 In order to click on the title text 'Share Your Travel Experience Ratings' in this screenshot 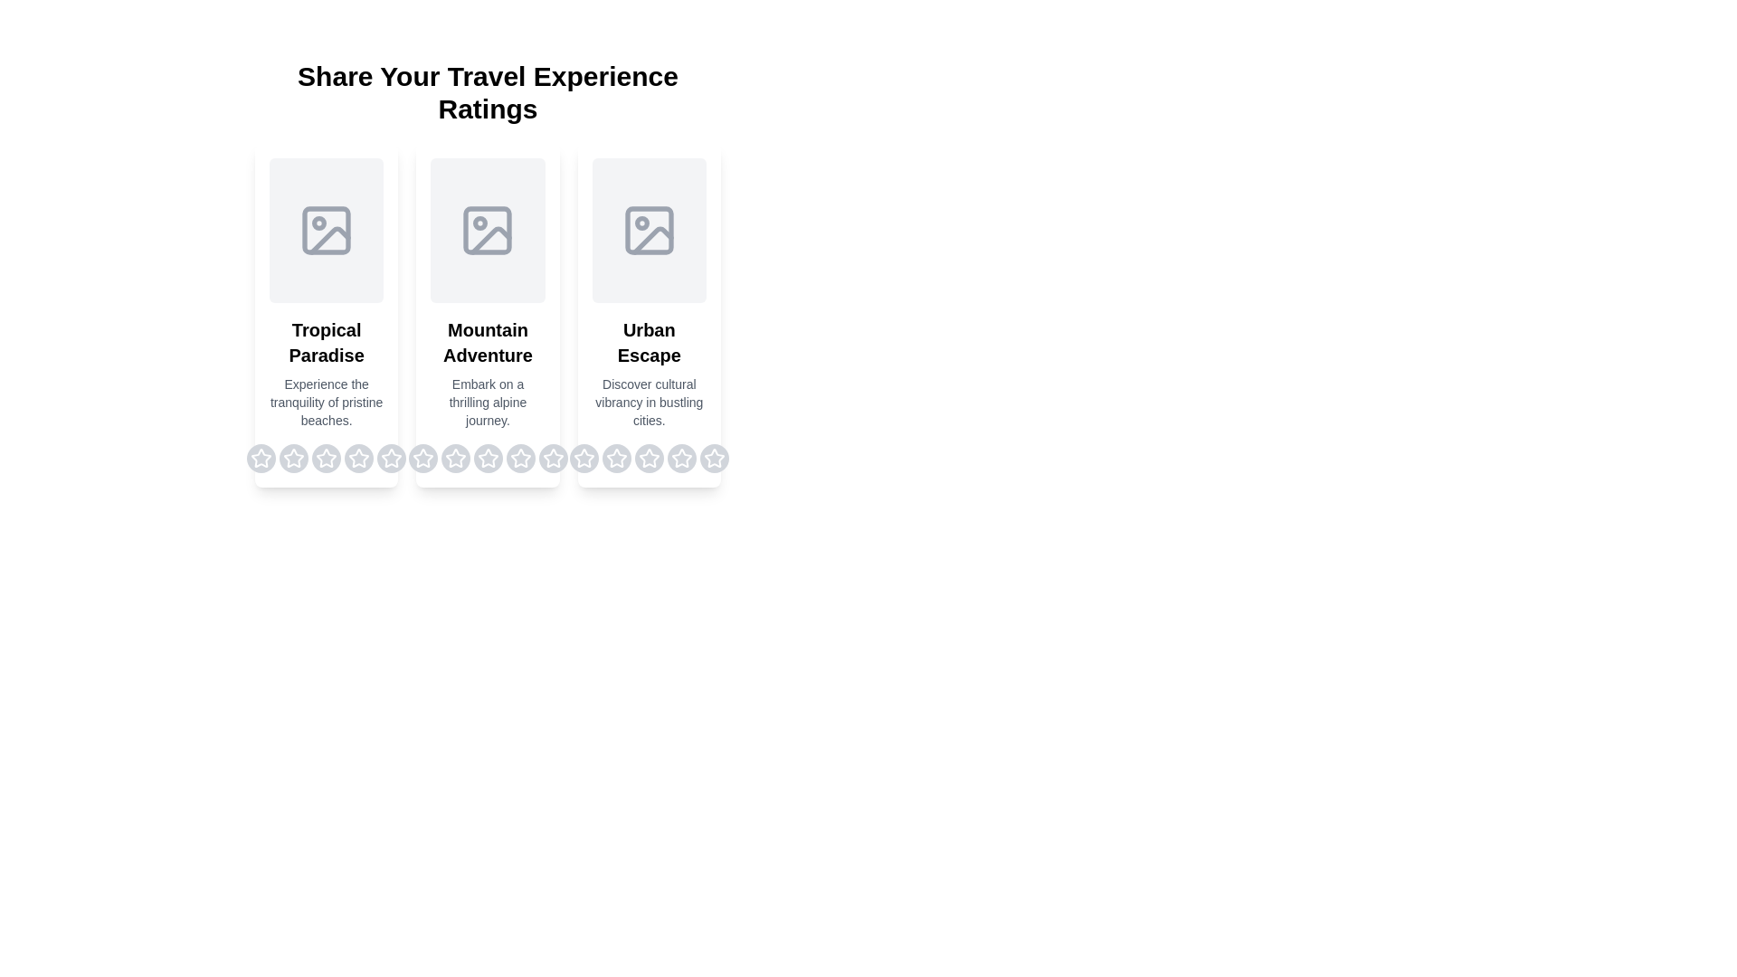, I will do `click(488, 93)`.